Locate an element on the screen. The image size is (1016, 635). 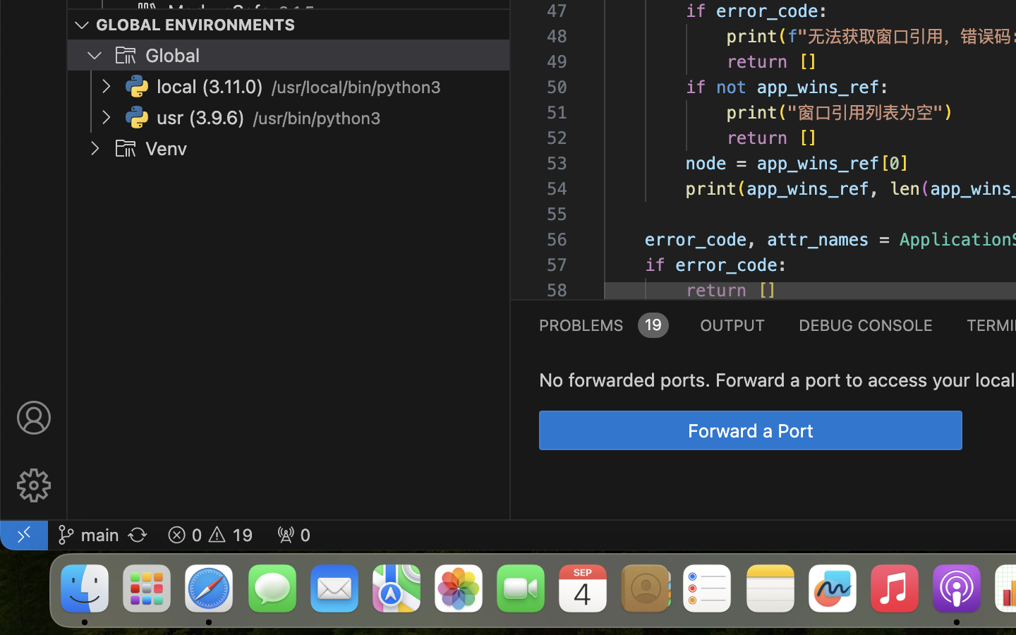
'0 DEBUG CONSOLE' is located at coordinates (865, 323).